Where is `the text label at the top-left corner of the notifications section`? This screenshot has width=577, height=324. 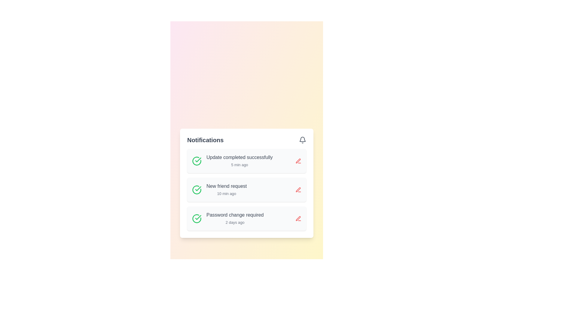 the text label at the top-left corner of the notifications section is located at coordinates (205, 140).